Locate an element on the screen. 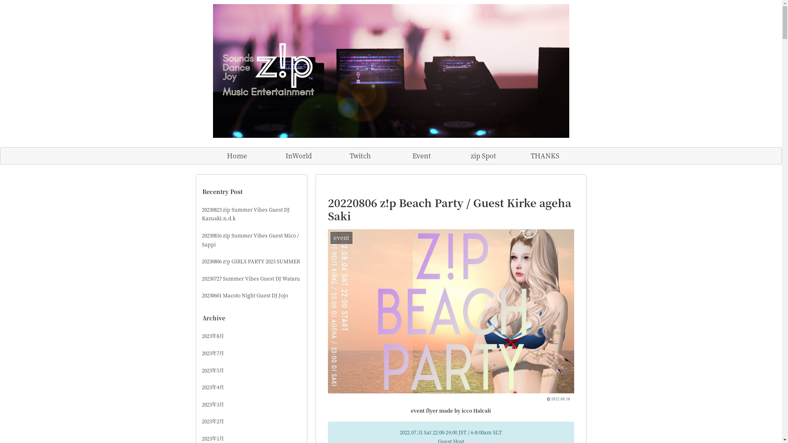 The image size is (788, 443). 'zip Spot' is located at coordinates (483, 156).